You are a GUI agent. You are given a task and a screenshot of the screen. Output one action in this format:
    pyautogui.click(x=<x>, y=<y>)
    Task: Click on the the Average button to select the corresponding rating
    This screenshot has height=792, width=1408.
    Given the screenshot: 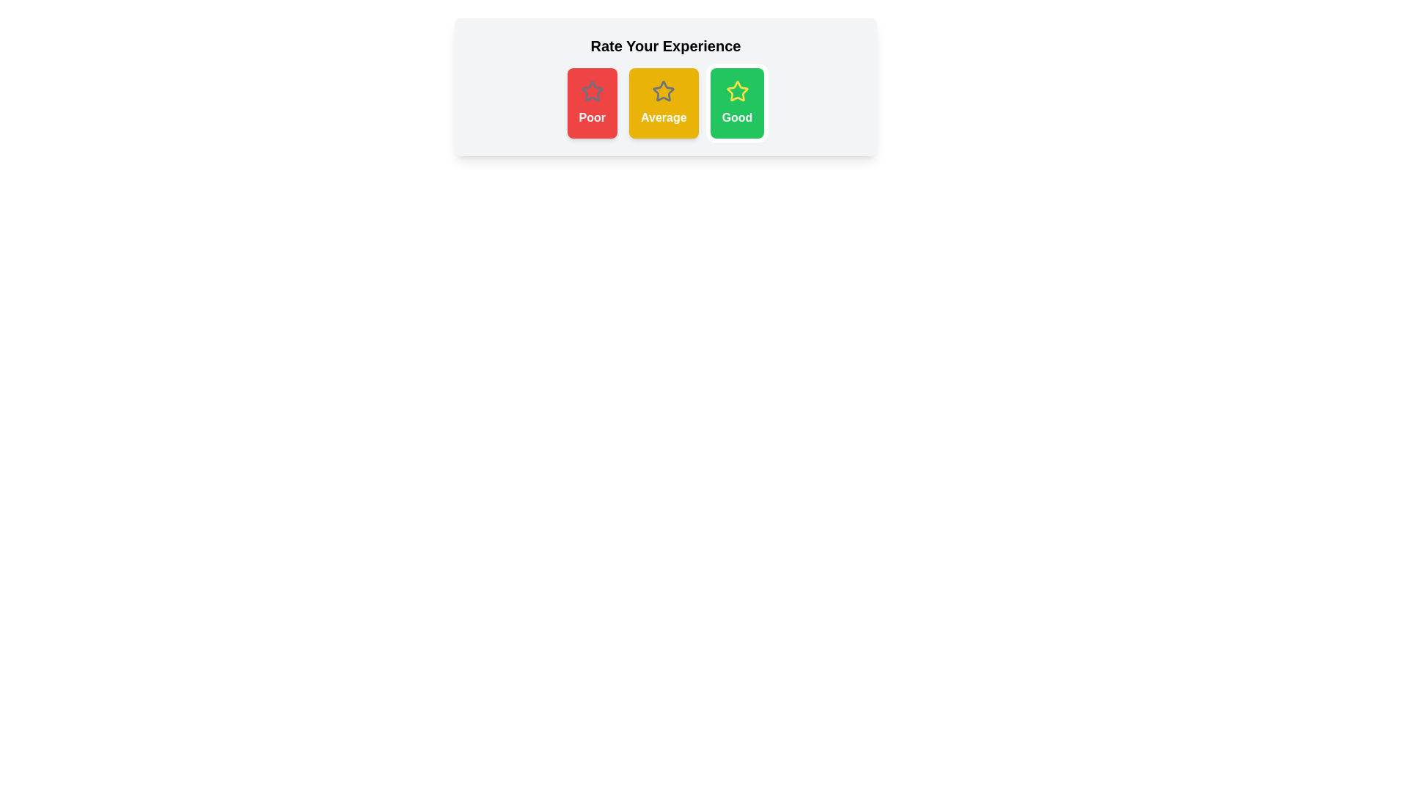 What is the action you would take?
    pyautogui.click(x=663, y=103)
    